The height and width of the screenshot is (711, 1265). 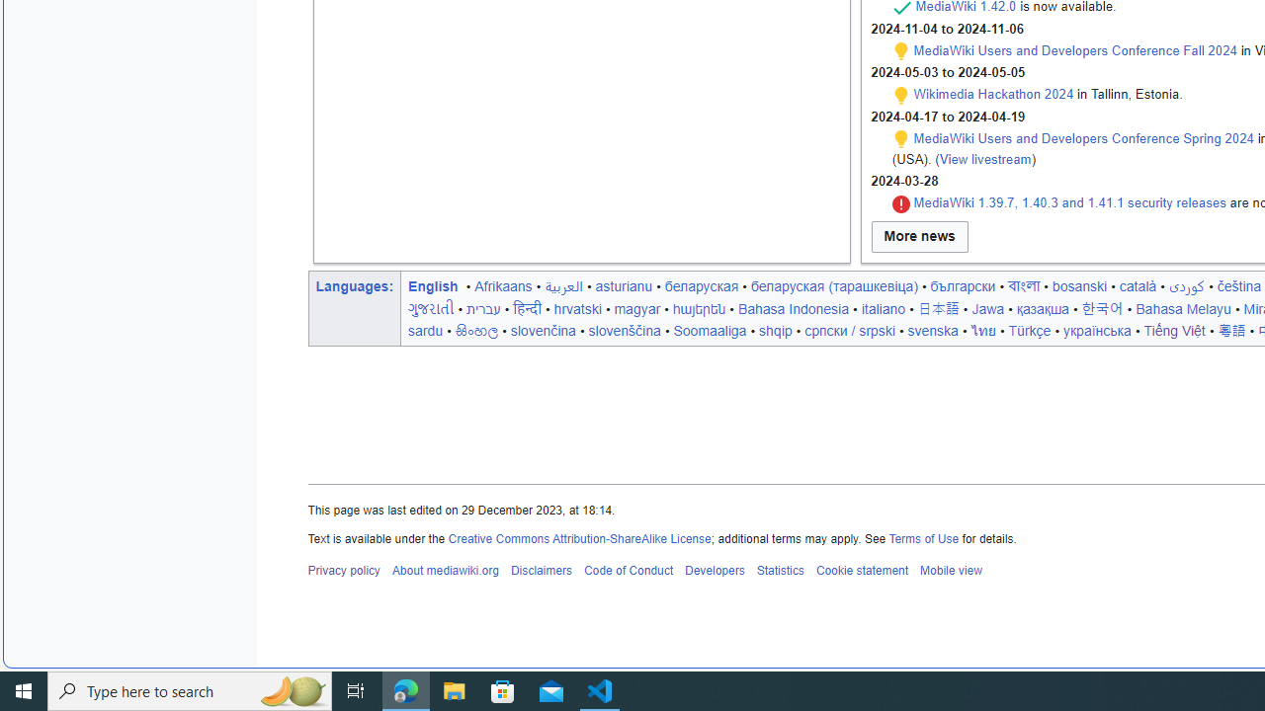 What do you see at coordinates (344, 571) in the screenshot?
I see `'Privacy policy'` at bounding box center [344, 571].